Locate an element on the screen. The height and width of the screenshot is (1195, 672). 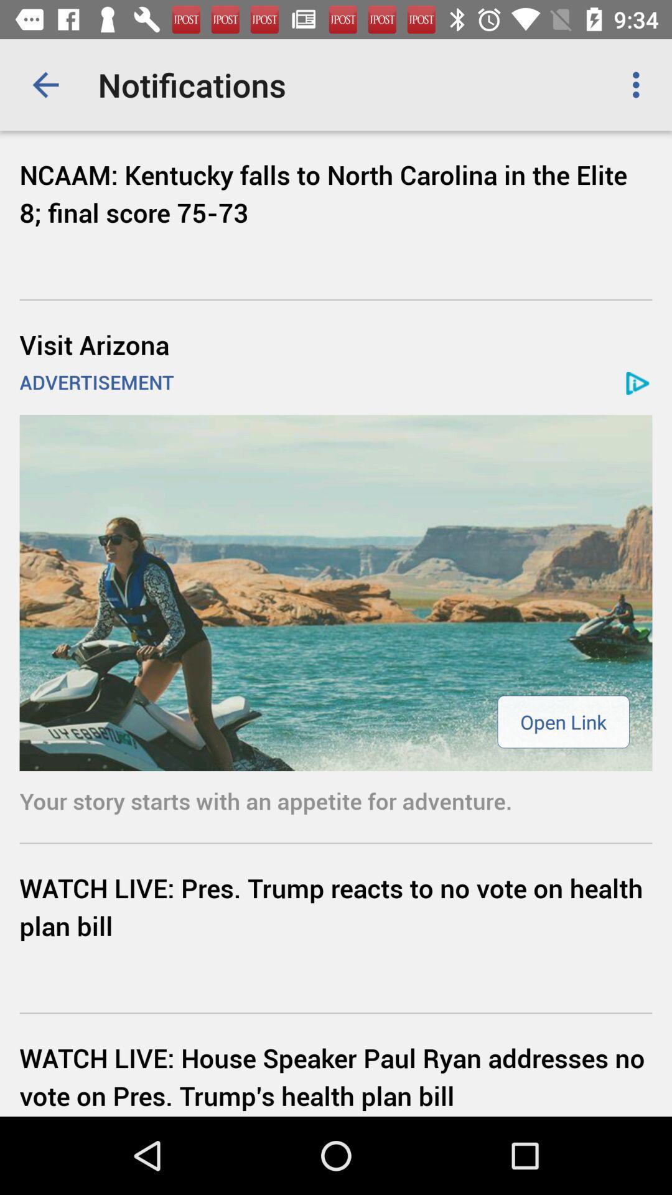
icon at the center is located at coordinates (336, 592).